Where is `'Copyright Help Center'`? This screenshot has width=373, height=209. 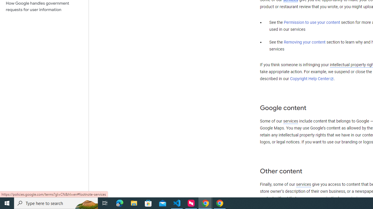
'Copyright Help Center' is located at coordinates (312, 79).